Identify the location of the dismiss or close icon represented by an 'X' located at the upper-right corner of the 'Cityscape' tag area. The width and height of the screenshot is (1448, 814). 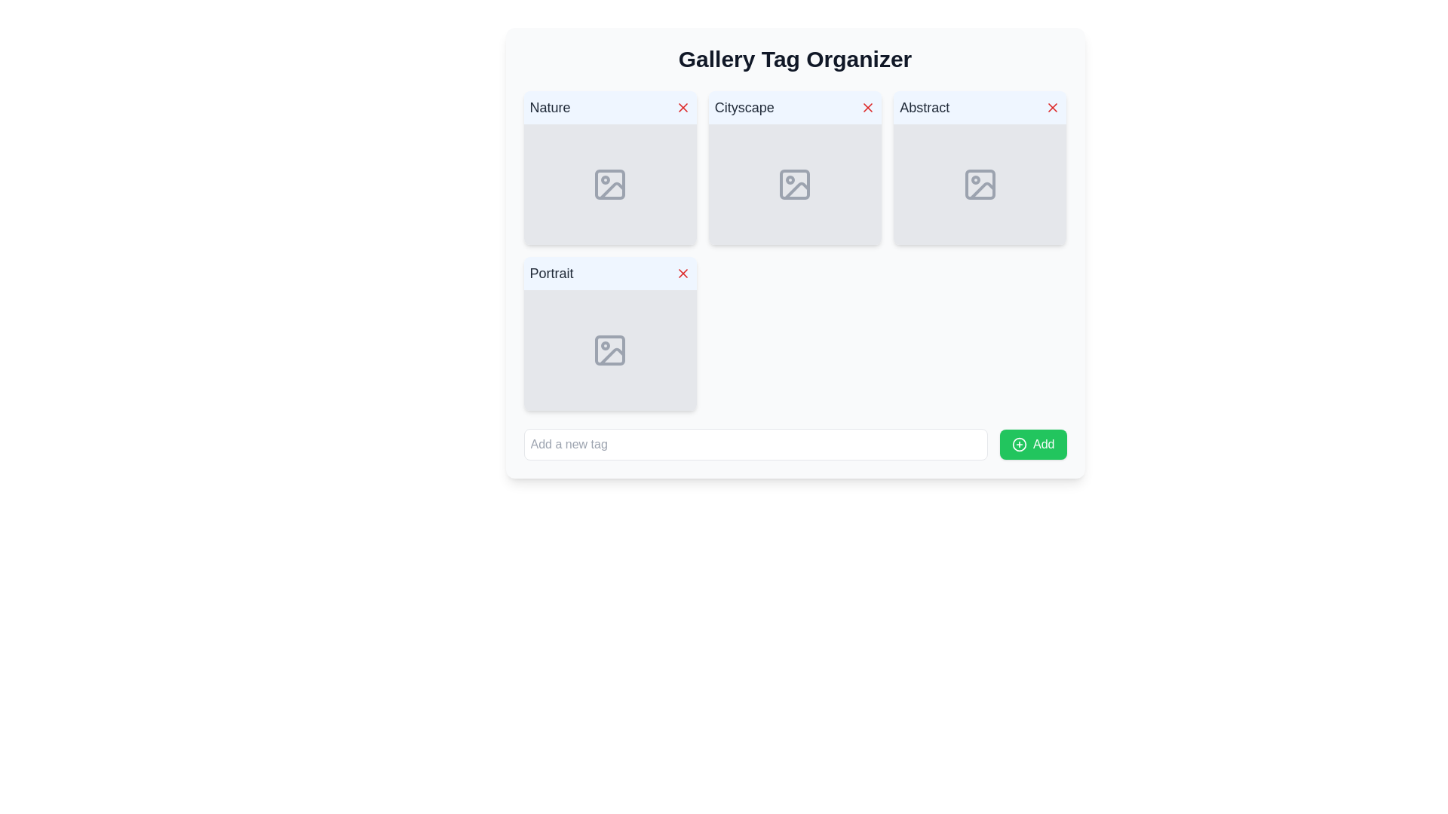
(868, 106).